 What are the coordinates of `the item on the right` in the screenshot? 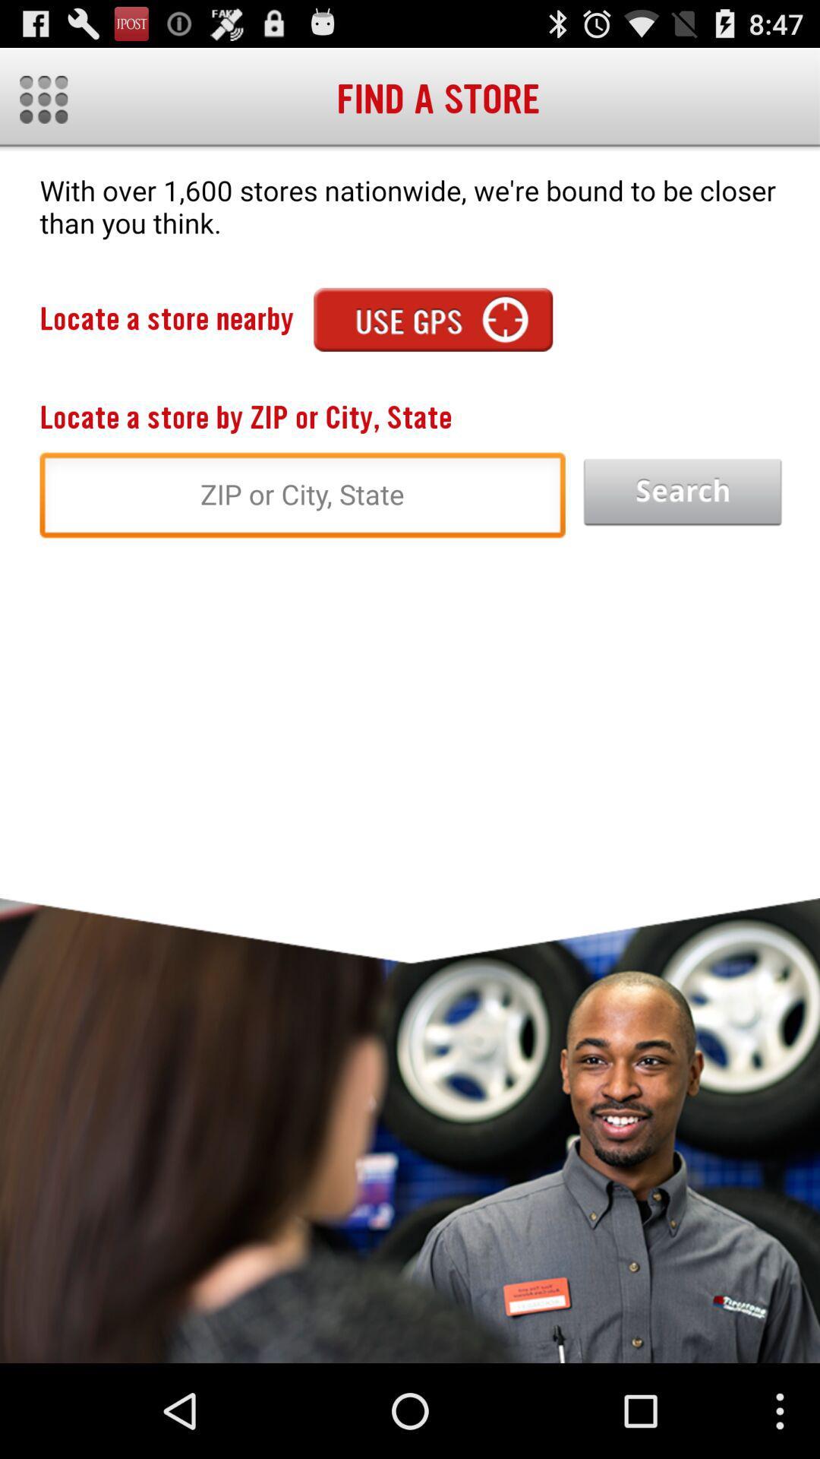 It's located at (682, 492).